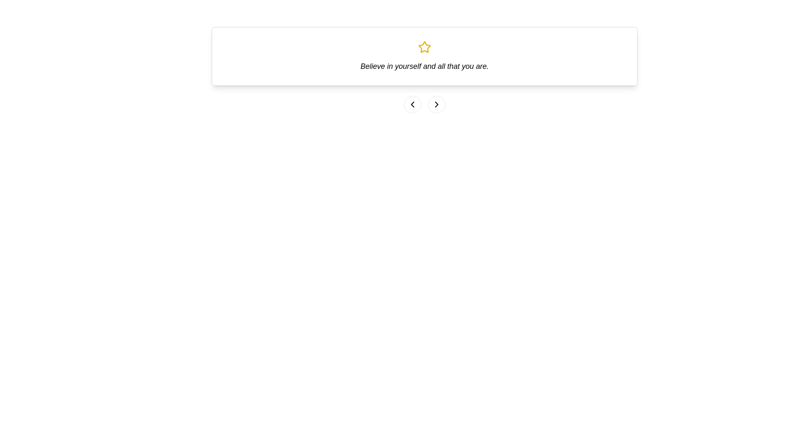 Image resolution: width=797 pixels, height=448 pixels. I want to click on the leftward-pointing chevron icon button styled with a stroke-outline for accessibility navigation, so click(412, 104).